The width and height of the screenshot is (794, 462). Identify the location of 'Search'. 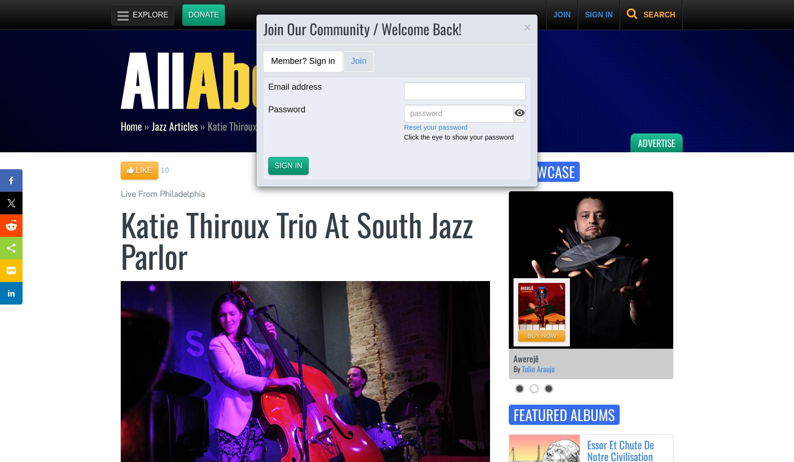
(643, 14).